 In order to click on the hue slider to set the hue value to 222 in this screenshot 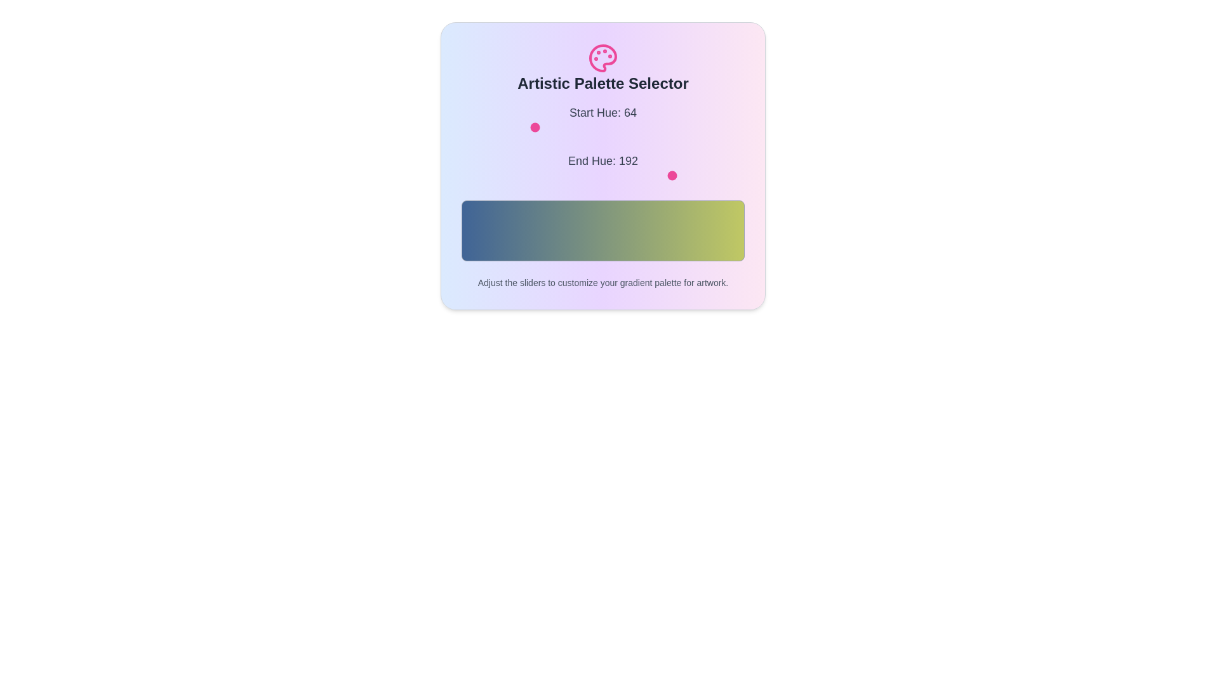, I will do `click(707, 127)`.